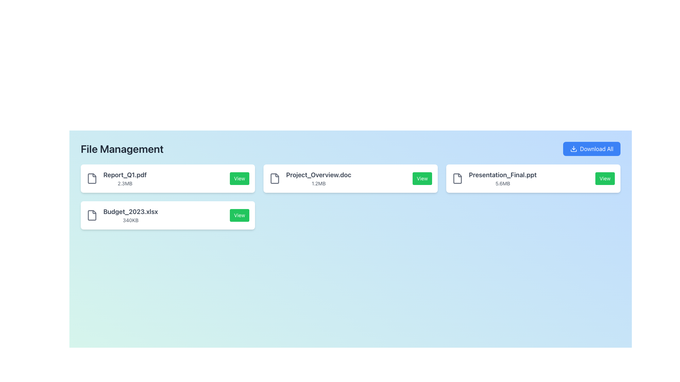 The width and height of the screenshot is (680, 382). I want to click on the text label displaying the file size '5.6MB', which is located beneath the file name 'Presentation_Final.ppt' in the fourth file block of the File Management interface, so click(502, 183).